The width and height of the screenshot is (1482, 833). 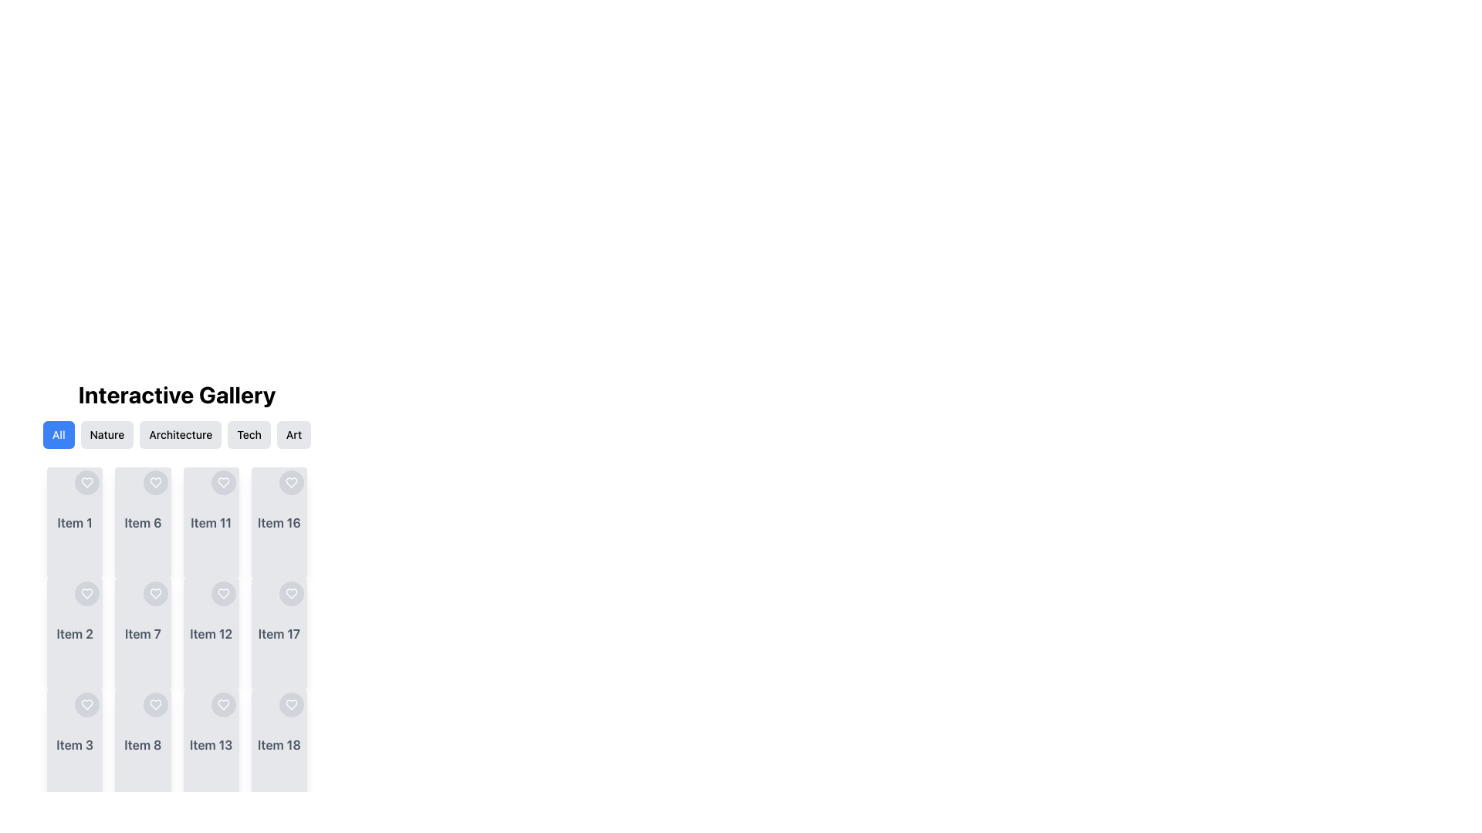 I want to click on the heart-shaped icon located inside the circular button in the fourth column of the grid layout associated with 'Item 18', so click(x=292, y=705).